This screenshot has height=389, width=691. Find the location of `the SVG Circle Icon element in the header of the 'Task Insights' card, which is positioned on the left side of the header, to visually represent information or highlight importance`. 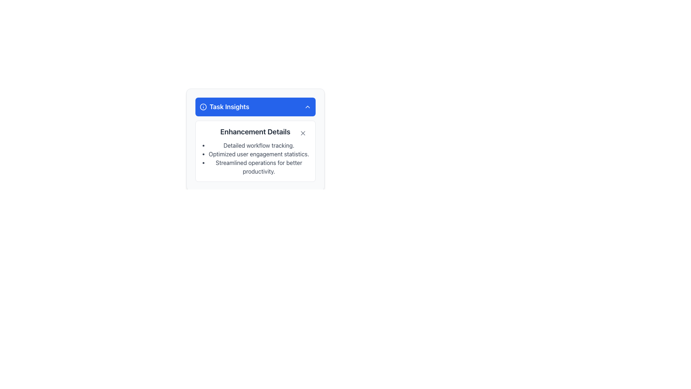

the SVG Circle Icon element in the header of the 'Task Insights' card, which is positioned on the left side of the header, to visually represent information or highlight importance is located at coordinates (203, 107).